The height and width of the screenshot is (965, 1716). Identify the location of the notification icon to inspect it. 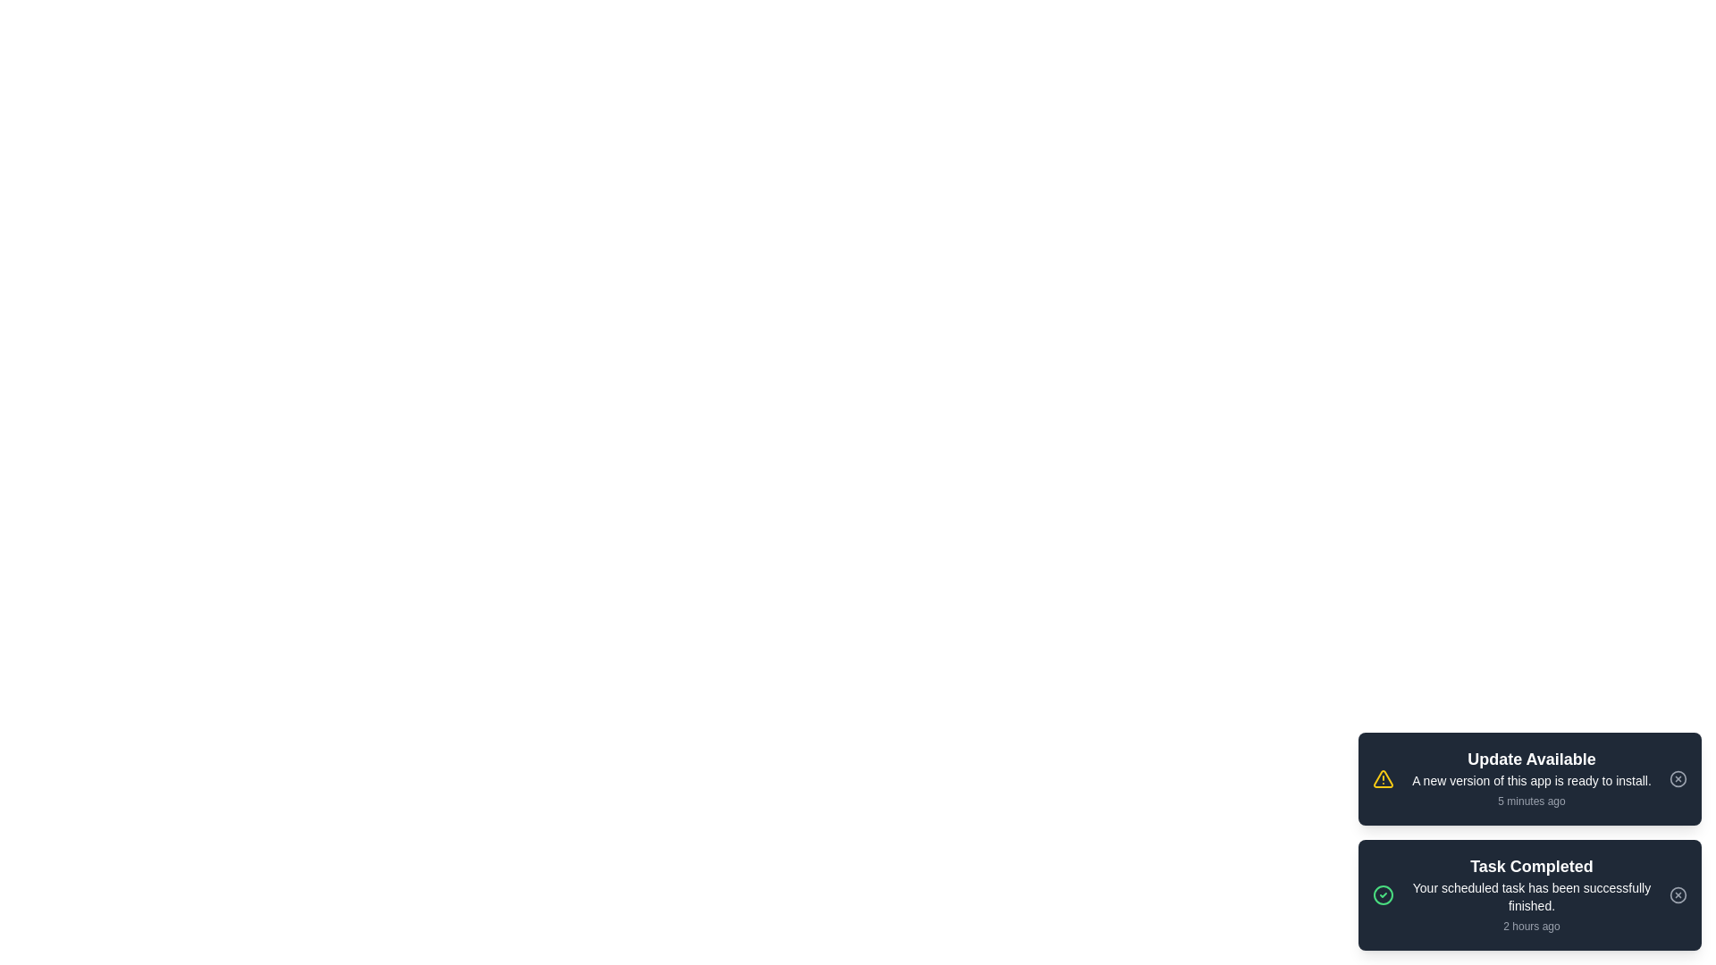
(1383, 777).